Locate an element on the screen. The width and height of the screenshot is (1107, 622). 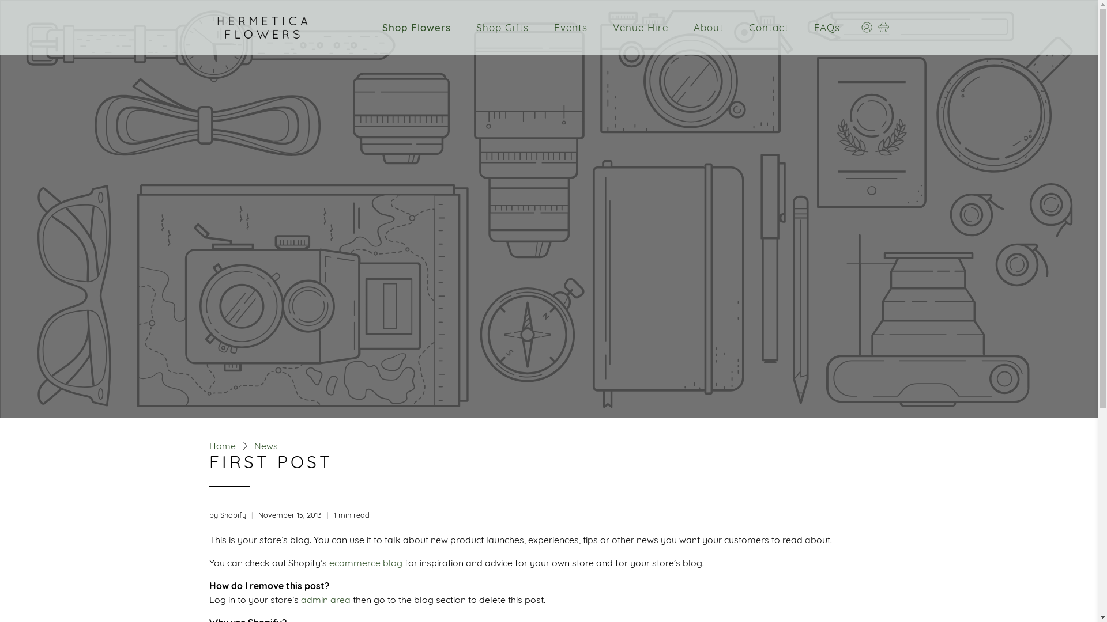
'Venue Hire' is located at coordinates (639, 26).